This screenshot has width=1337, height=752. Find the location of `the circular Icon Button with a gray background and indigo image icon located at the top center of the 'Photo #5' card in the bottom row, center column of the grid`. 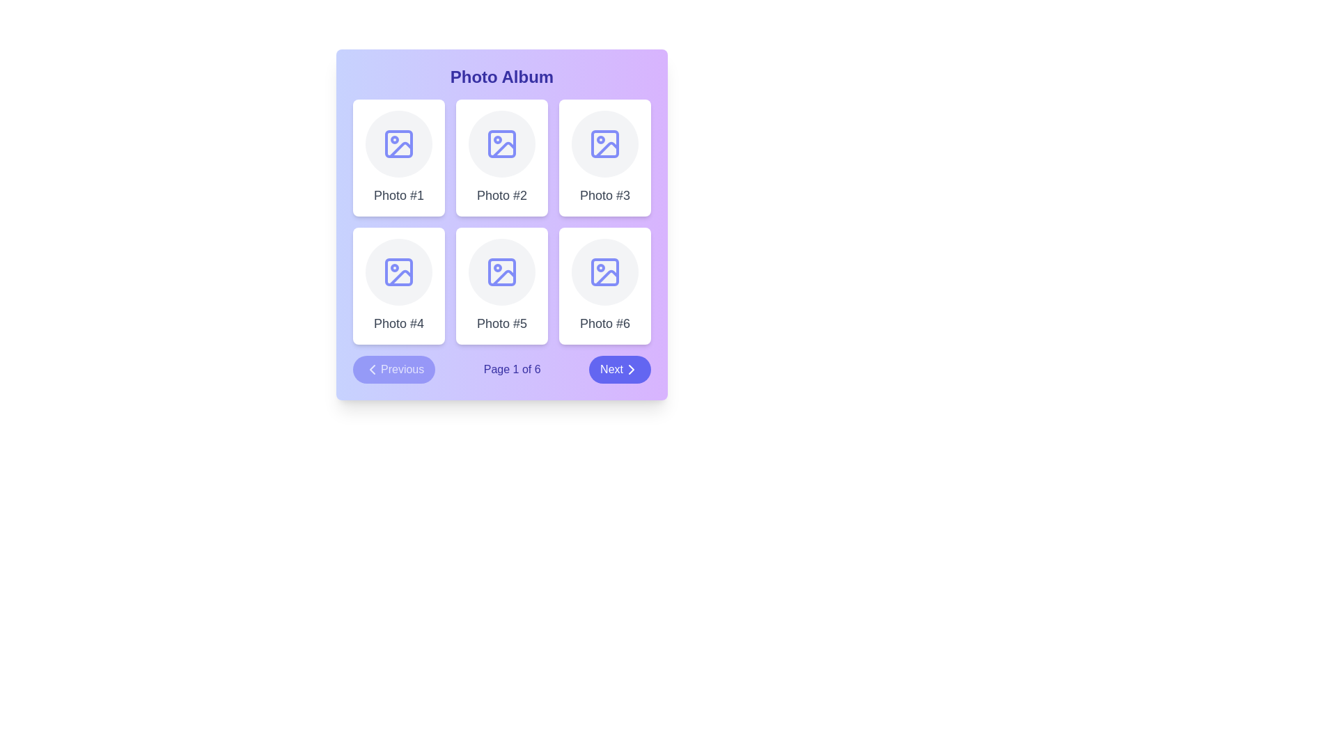

the circular Icon Button with a gray background and indigo image icon located at the top center of the 'Photo #5' card in the bottom row, center column of the grid is located at coordinates (501, 272).